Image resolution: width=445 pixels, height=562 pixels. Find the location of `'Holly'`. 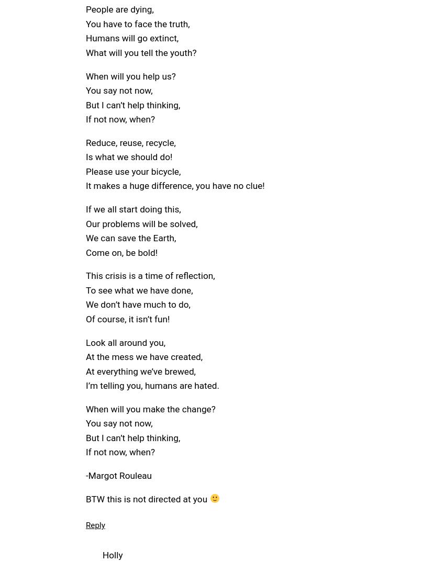

'Holly' is located at coordinates (112, 555).